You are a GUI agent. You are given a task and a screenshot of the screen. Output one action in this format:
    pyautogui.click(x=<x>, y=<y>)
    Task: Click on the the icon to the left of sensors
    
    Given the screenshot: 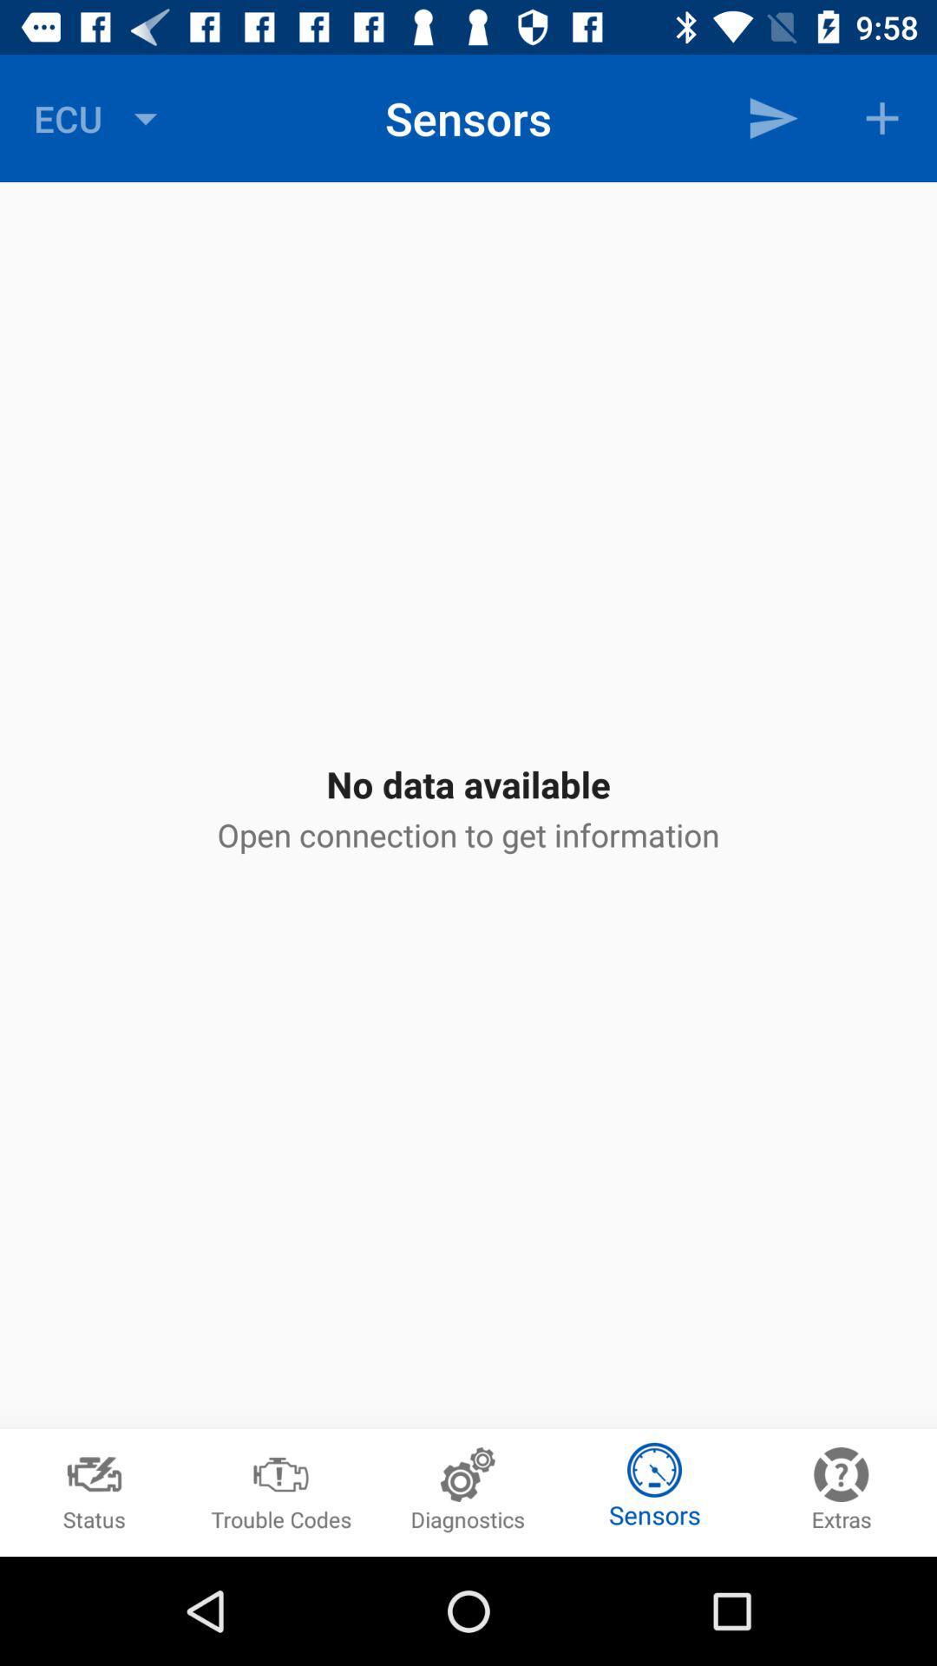 What is the action you would take?
    pyautogui.click(x=100, y=117)
    